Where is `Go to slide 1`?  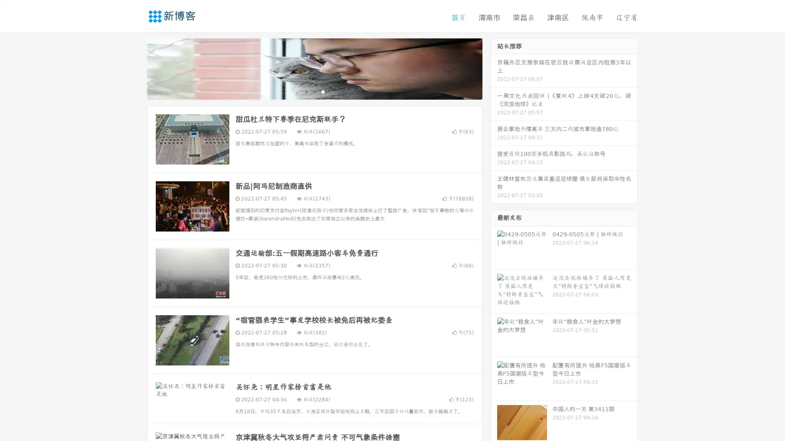 Go to slide 1 is located at coordinates (306, 92).